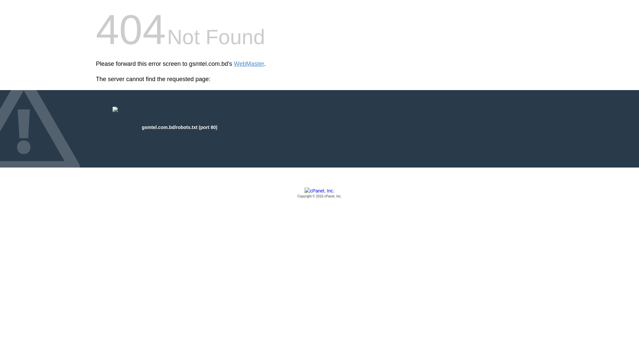 This screenshot has height=359, width=639. I want to click on 'WebMaster', so click(249, 64).